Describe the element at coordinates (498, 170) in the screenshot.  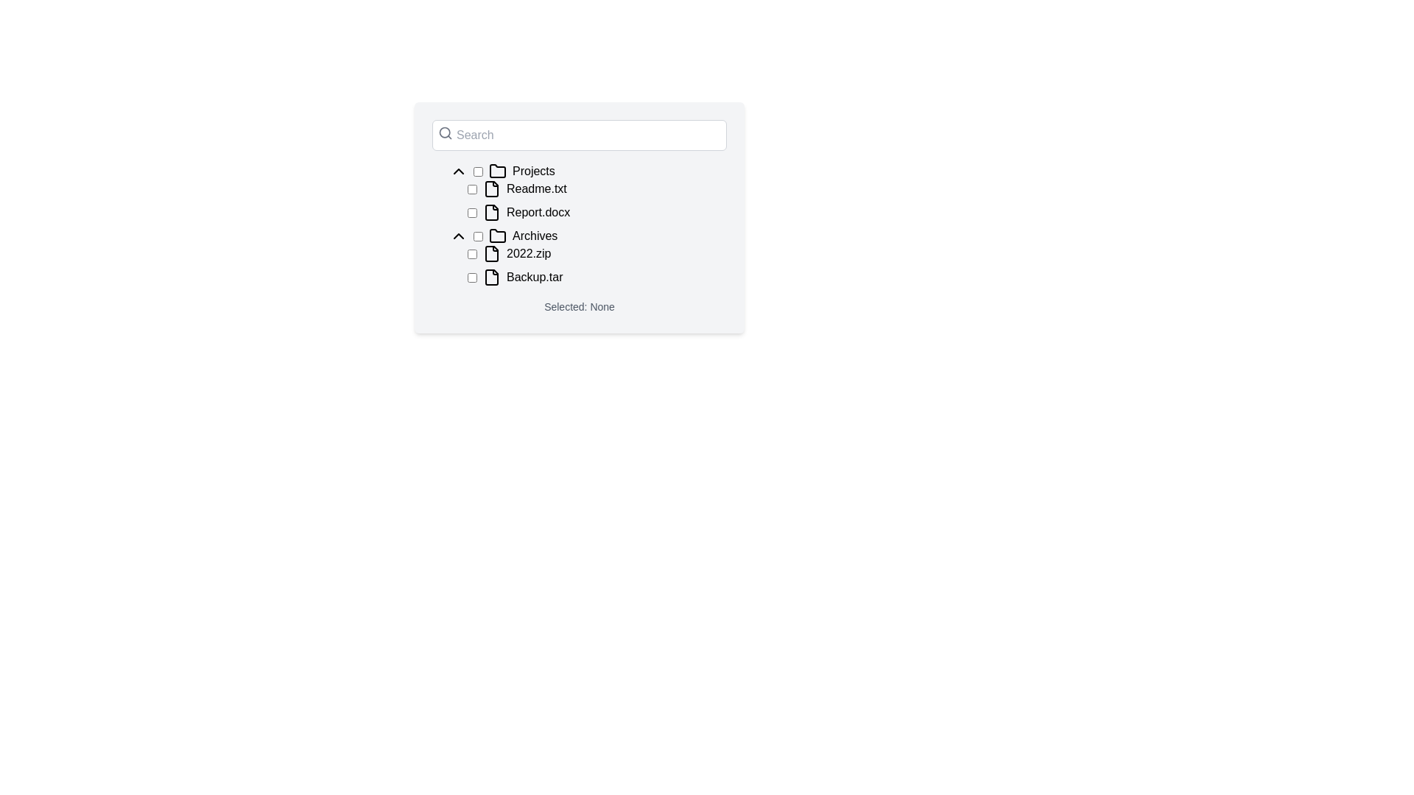
I see `the folder icon, which is a simple outline design located to the left of the 'Projects' label in the hierarchical file structure` at that location.